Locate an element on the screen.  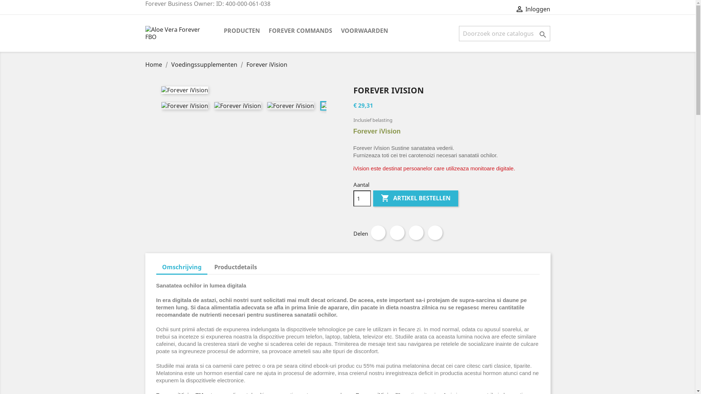
'Productdetails' is located at coordinates (235, 267).